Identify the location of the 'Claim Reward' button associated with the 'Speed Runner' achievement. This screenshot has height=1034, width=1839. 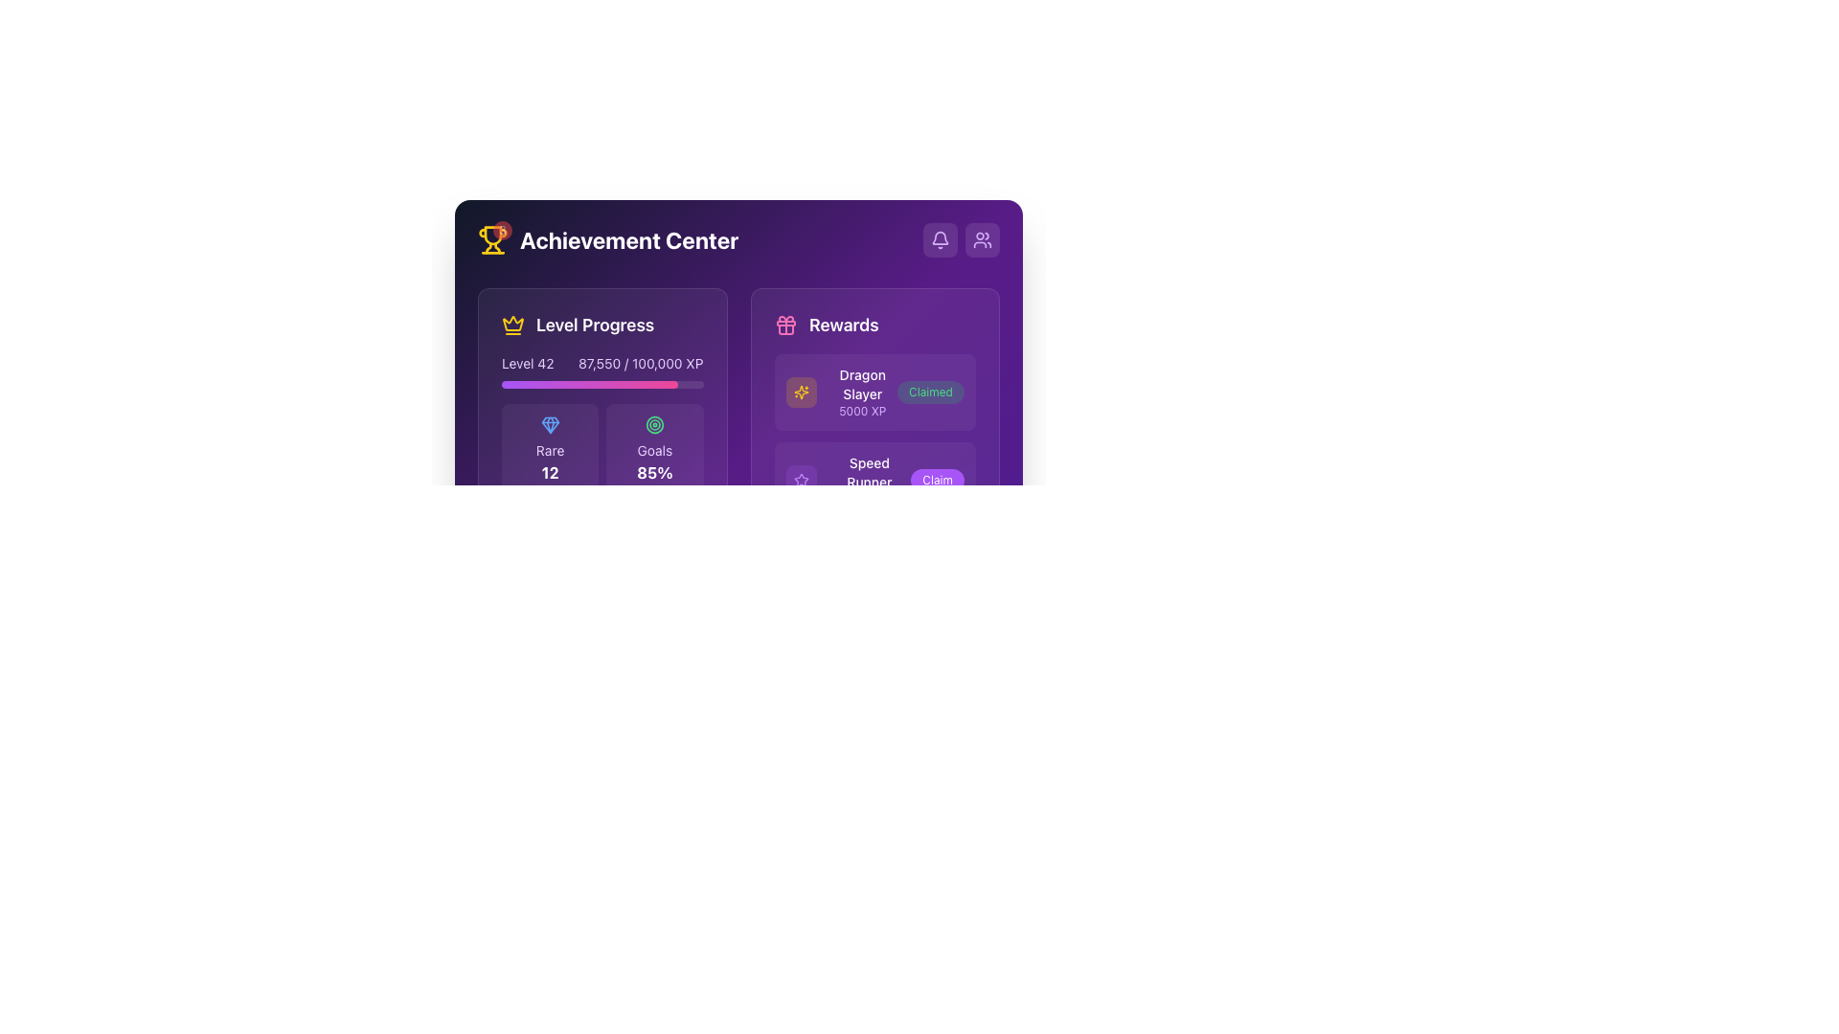
(938, 479).